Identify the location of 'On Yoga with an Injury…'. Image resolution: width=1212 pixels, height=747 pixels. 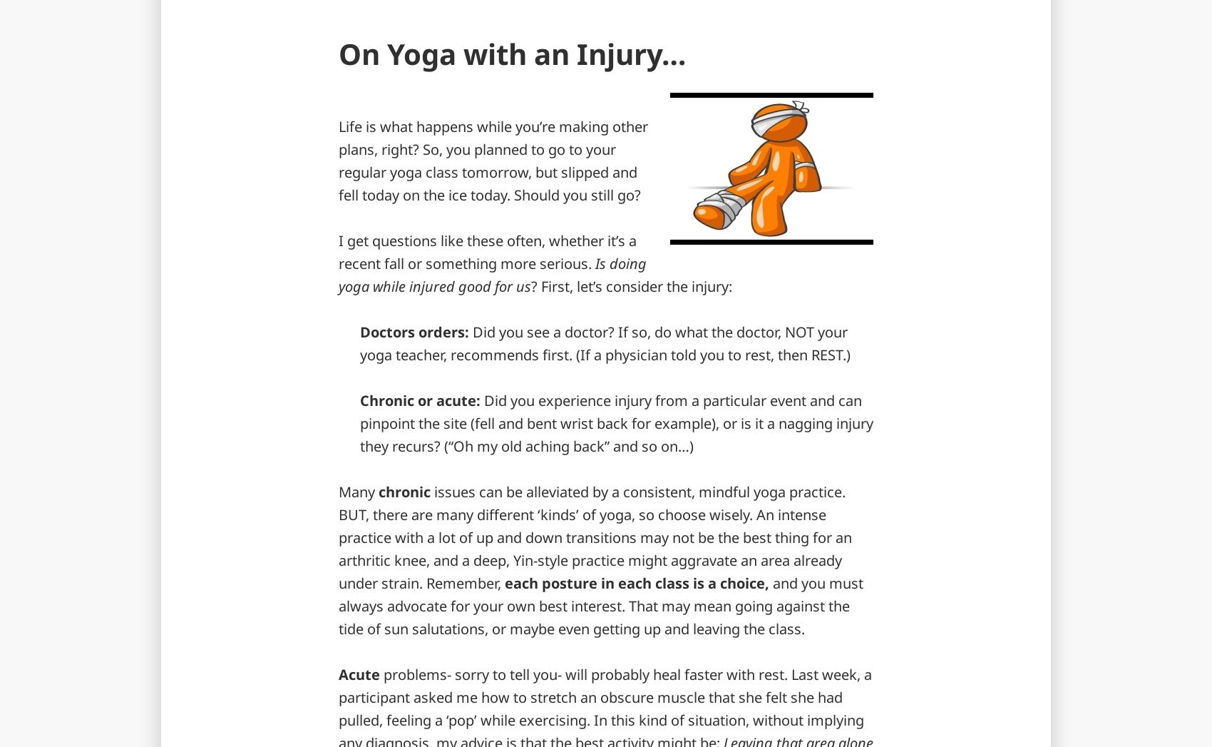
(512, 53).